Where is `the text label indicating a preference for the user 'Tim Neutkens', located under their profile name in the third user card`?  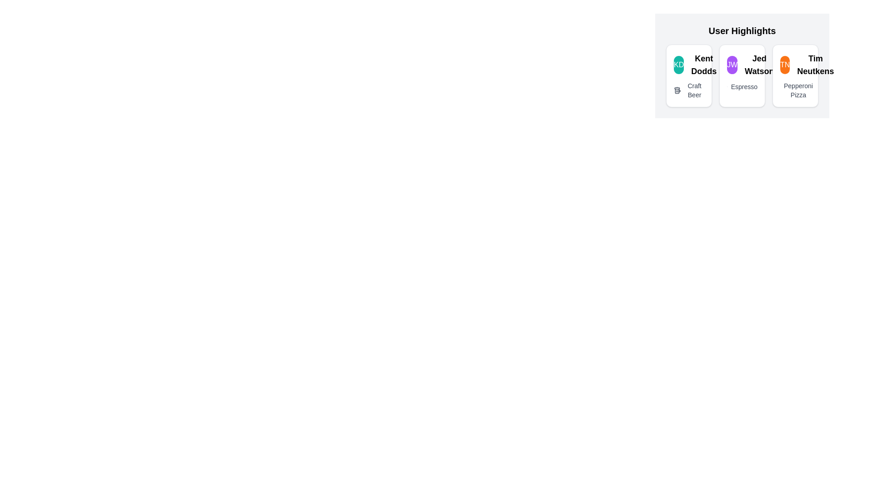 the text label indicating a preference for the user 'Tim Neutkens', located under their profile name in the third user card is located at coordinates (798, 90).